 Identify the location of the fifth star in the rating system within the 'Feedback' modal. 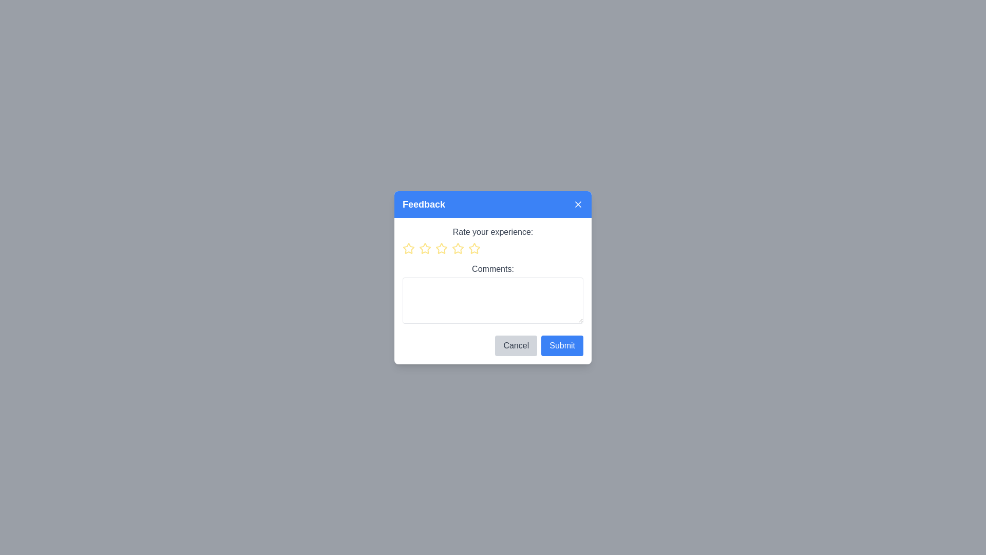
(474, 248).